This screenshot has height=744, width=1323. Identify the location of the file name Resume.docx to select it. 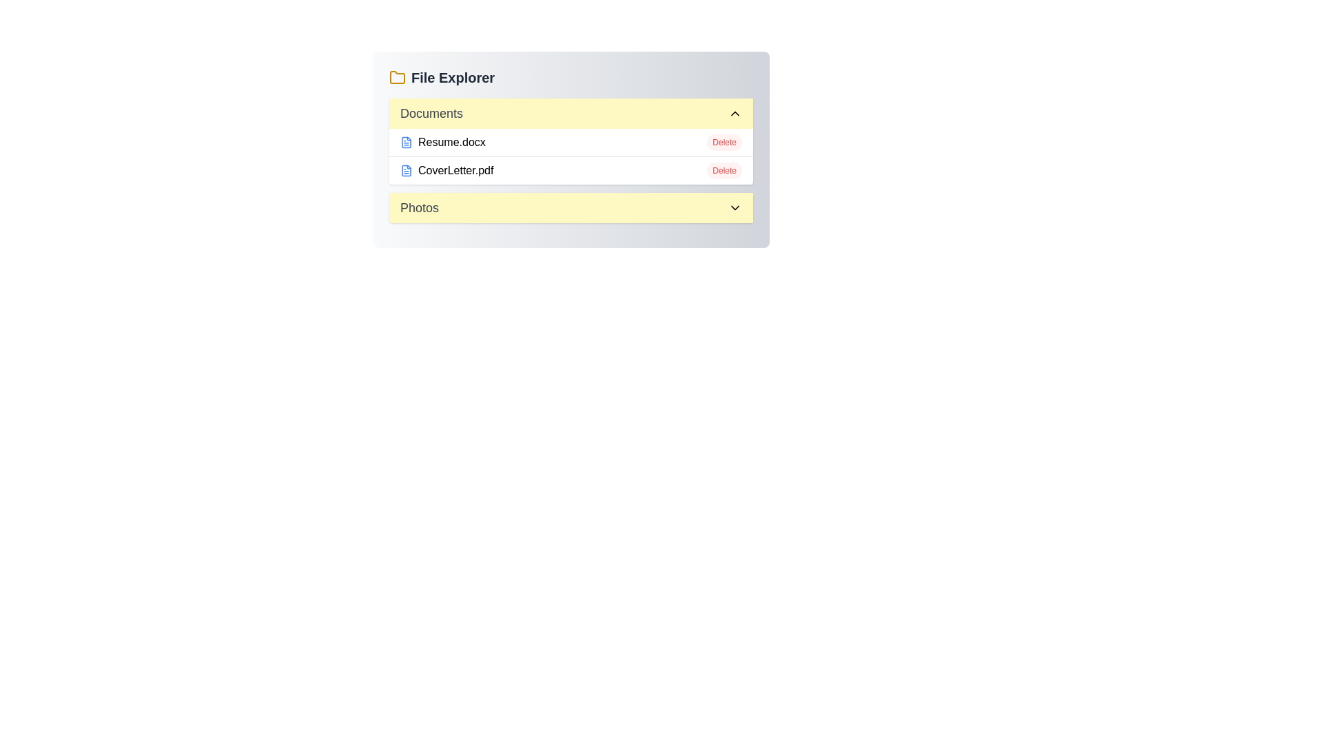
(442, 143).